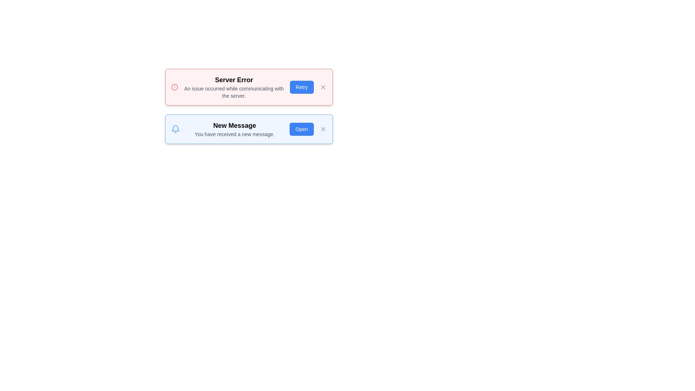 The height and width of the screenshot is (391, 695). What do you see at coordinates (175, 128) in the screenshot?
I see `the left half of the blue bell icon's outline, which is part of a notification symbol located near the middle top of the interface` at bounding box center [175, 128].